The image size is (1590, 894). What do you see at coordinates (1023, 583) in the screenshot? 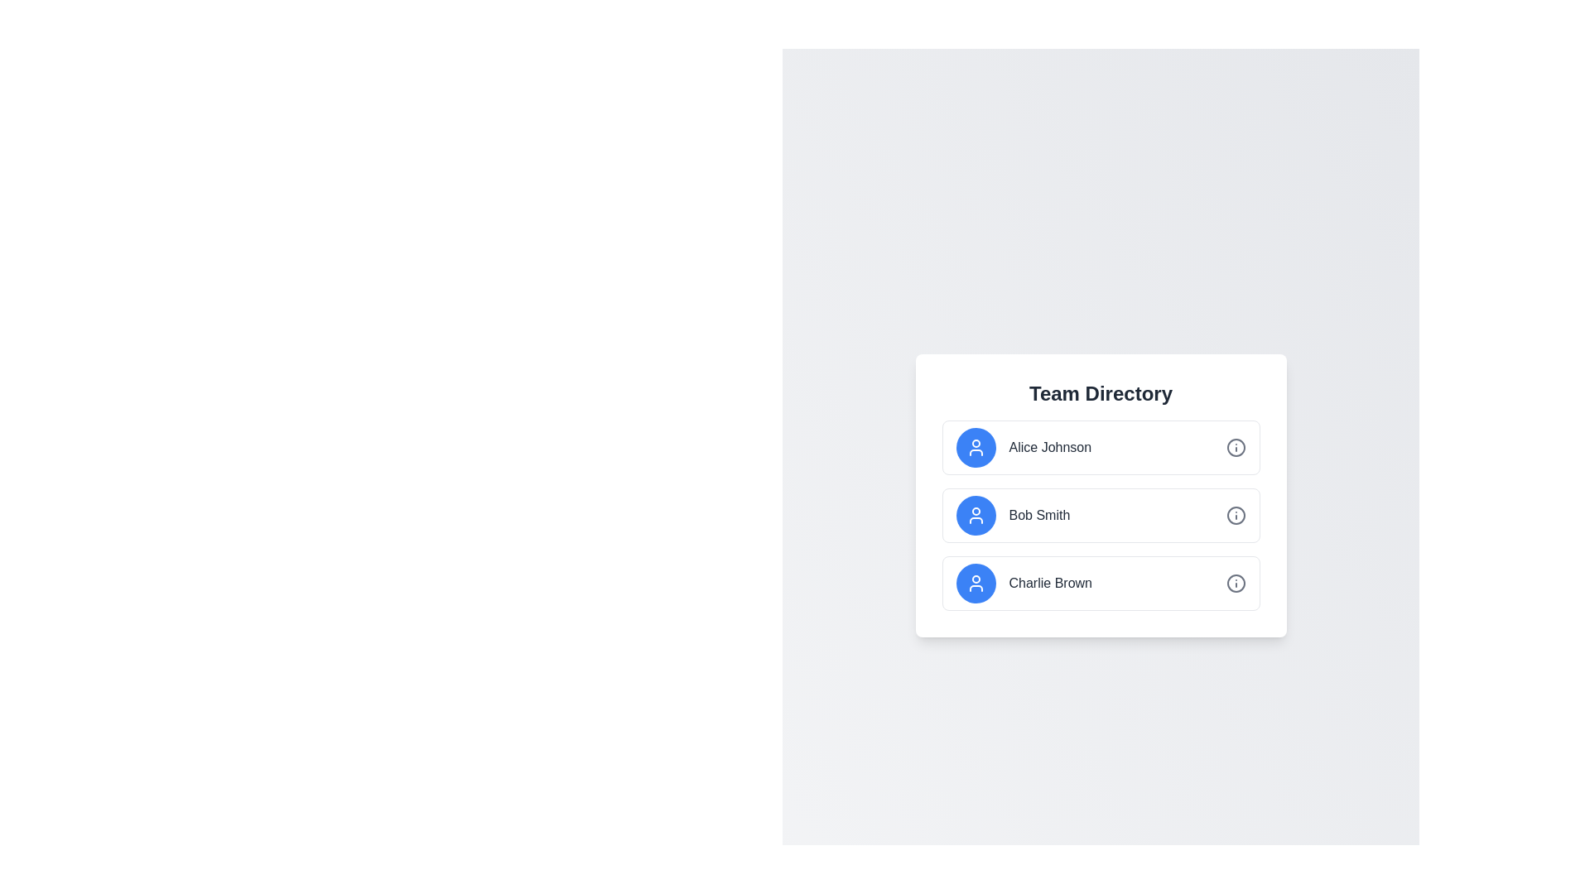
I see `the Profile entry for 'Charlie Brown', which is represented by a rounded blue circle with a user icon` at bounding box center [1023, 583].